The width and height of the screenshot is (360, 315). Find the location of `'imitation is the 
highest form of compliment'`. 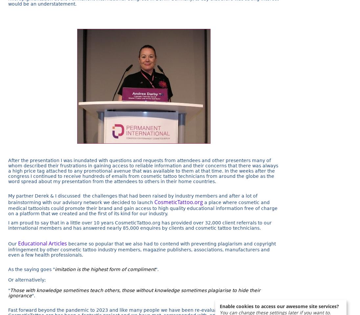

'imitation is the 
highest form of compliment' is located at coordinates (105, 269).